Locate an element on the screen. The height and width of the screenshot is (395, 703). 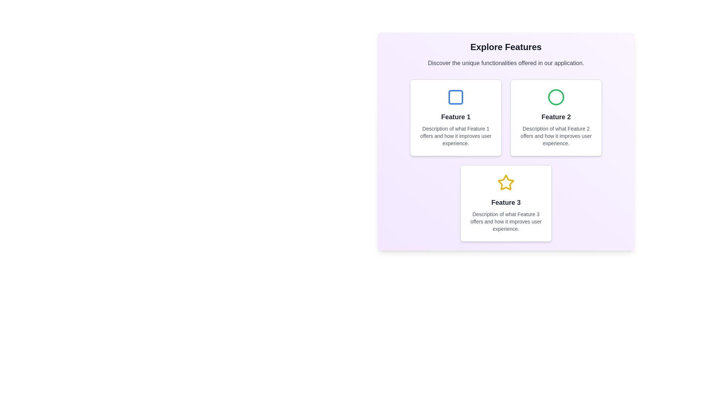
Icon located at the center of the 'Feature 3' card, which is situated in the third slot of the feature list layout in the bottom row of the grid is located at coordinates (506, 183).